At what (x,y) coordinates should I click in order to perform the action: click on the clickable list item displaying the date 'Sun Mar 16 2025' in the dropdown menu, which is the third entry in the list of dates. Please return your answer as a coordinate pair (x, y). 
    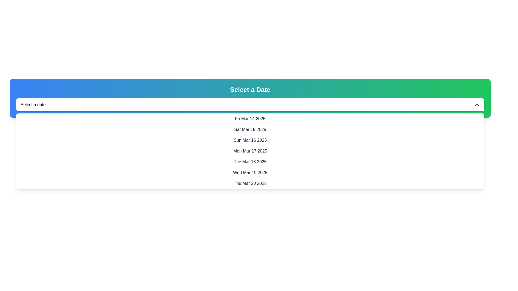
    Looking at the image, I should click on (250, 140).